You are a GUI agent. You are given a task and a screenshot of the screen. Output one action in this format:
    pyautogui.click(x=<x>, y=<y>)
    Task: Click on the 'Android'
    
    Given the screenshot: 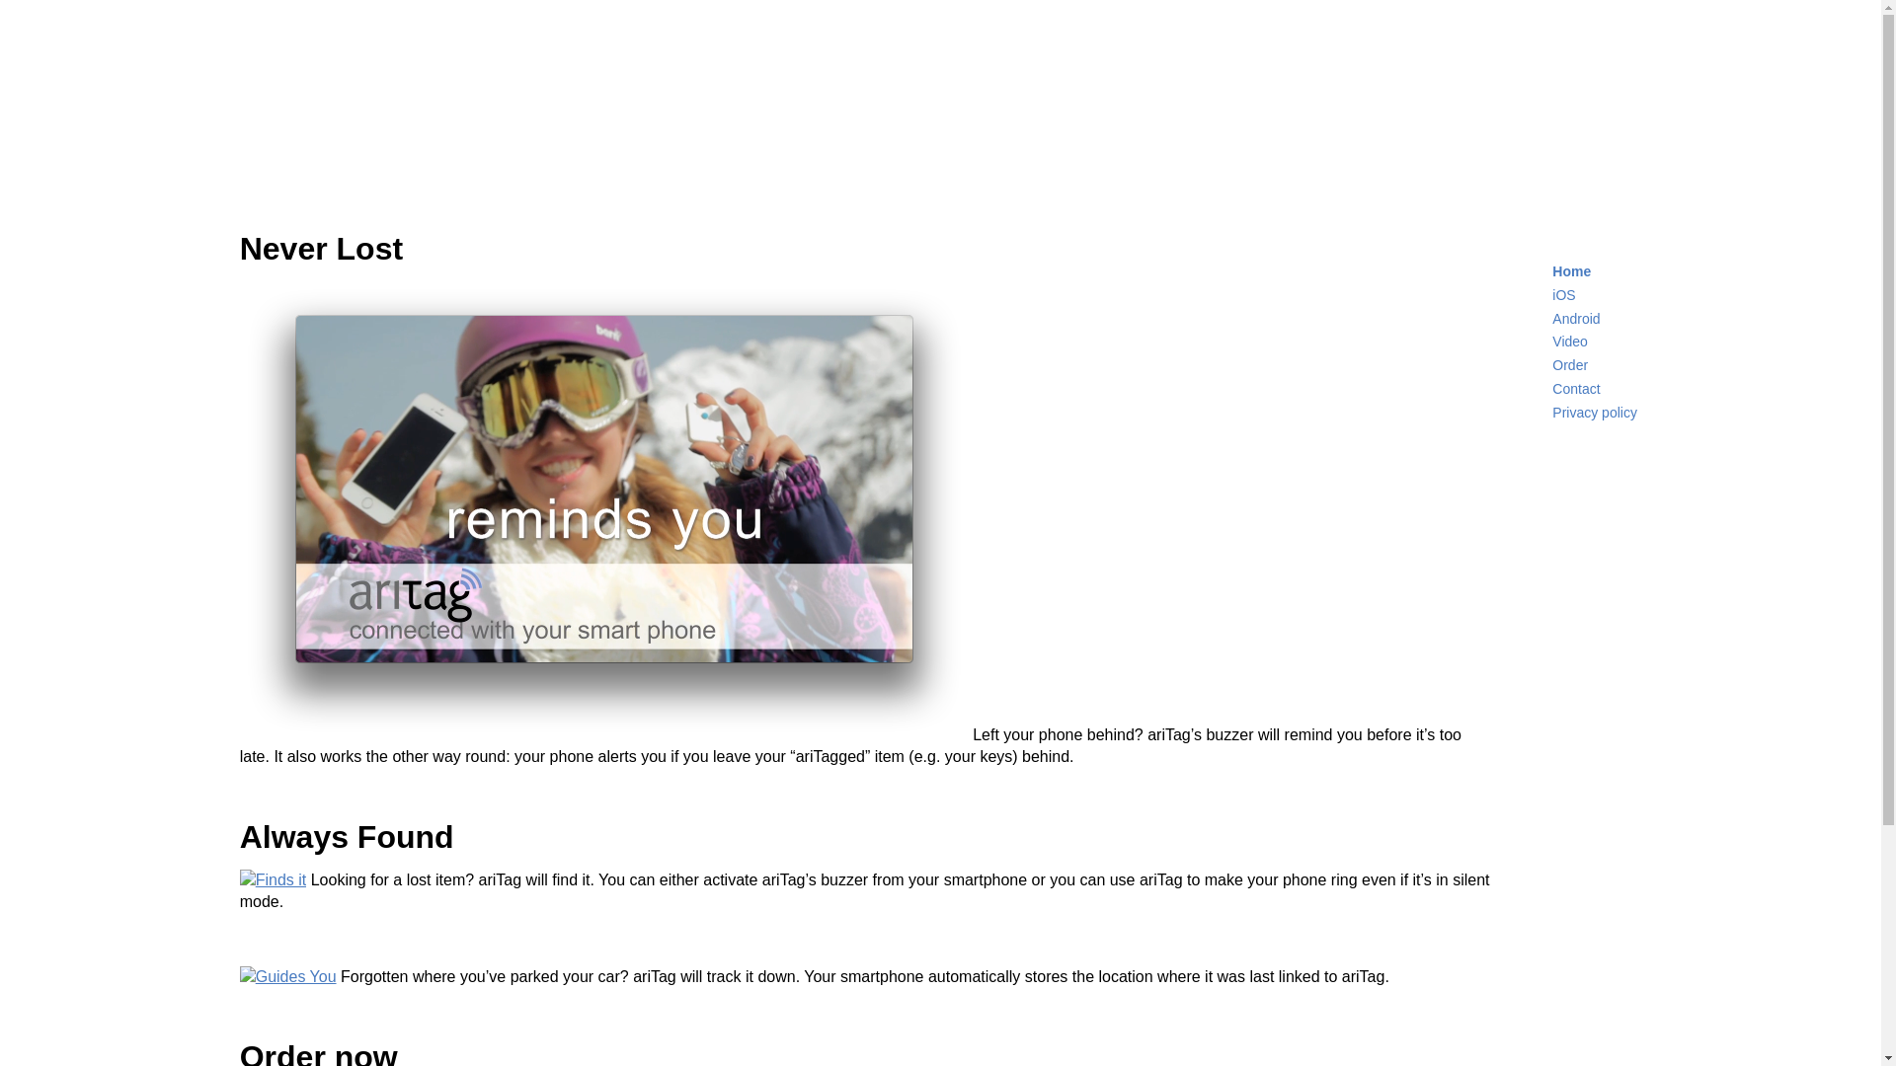 What is the action you would take?
    pyautogui.click(x=1575, y=318)
    